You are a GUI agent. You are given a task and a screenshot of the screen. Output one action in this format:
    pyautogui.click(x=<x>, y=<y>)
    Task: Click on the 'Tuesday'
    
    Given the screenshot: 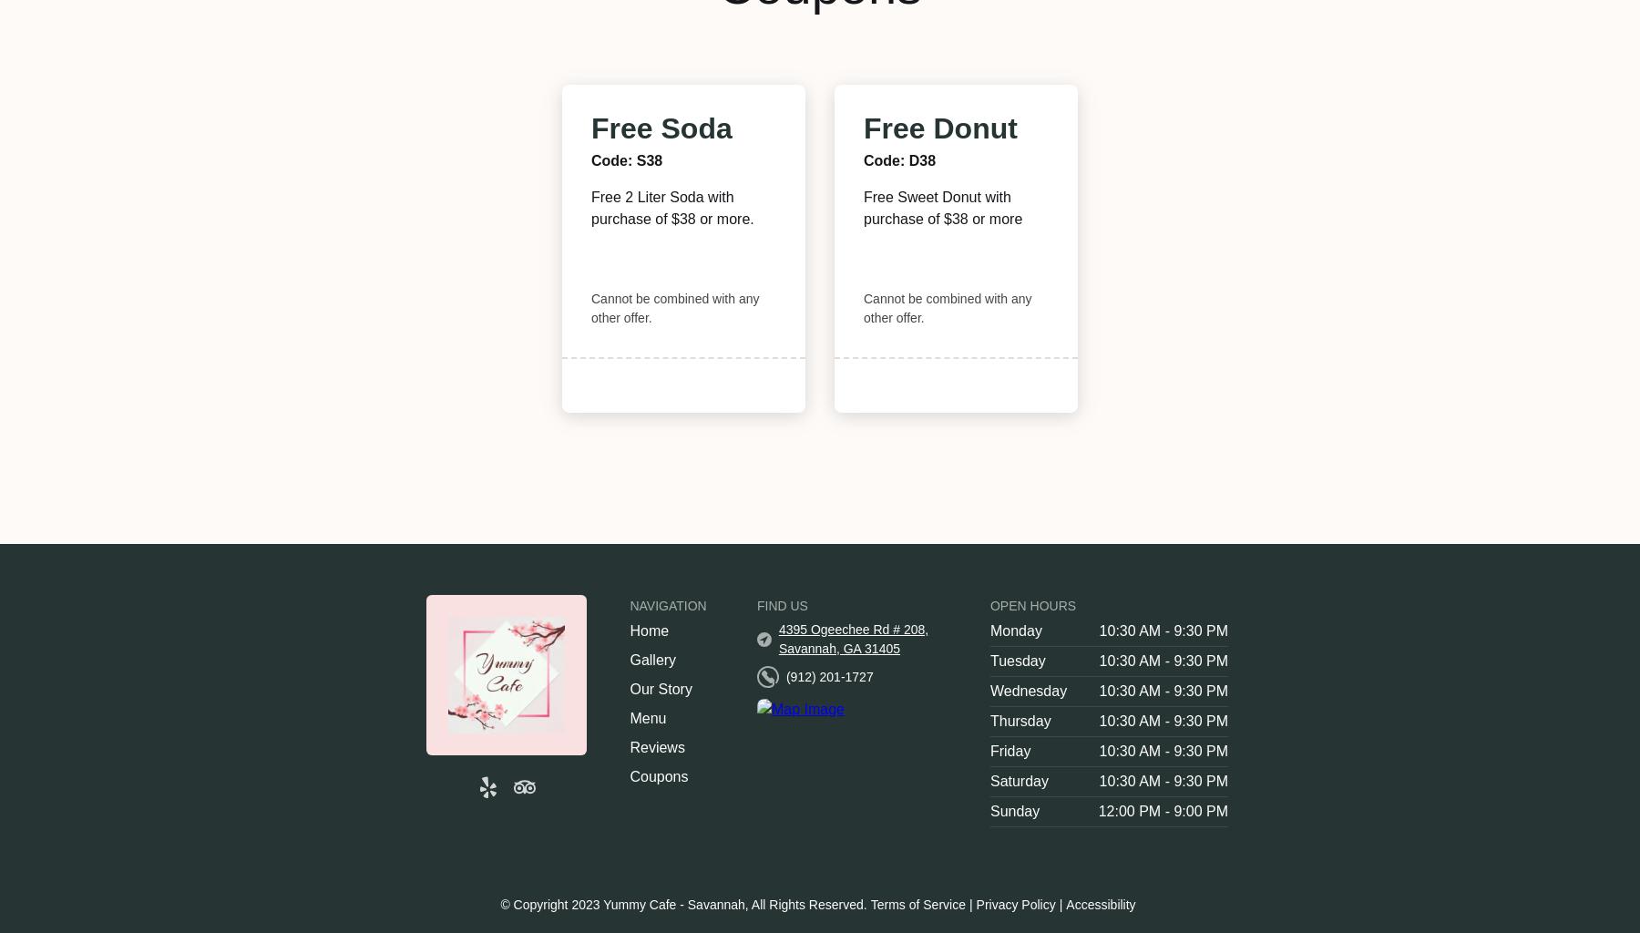 What is the action you would take?
    pyautogui.click(x=989, y=661)
    